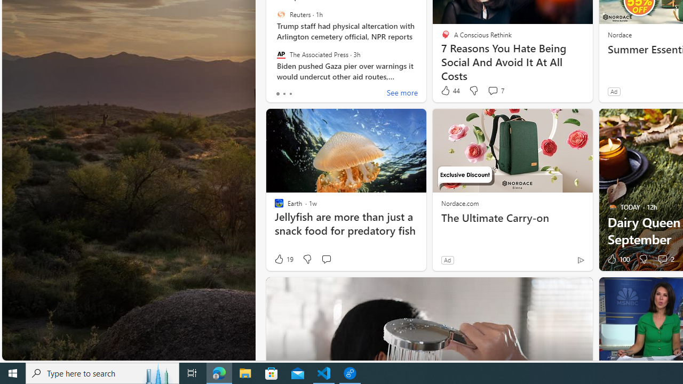  What do you see at coordinates (619, 34) in the screenshot?
I see `'Nordace'` at bounding box center [619, 34].